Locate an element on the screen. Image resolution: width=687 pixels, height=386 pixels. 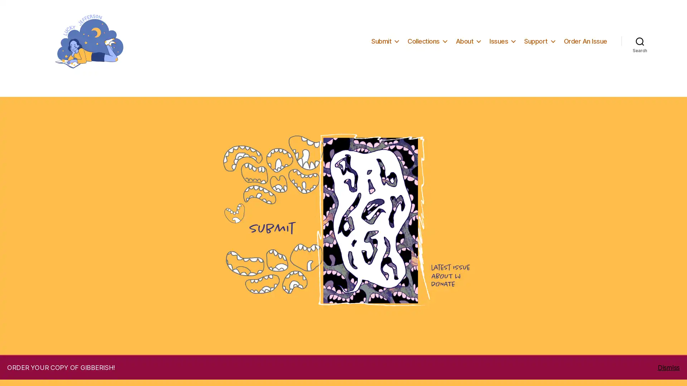
Search is located at coordinates (640, 41).